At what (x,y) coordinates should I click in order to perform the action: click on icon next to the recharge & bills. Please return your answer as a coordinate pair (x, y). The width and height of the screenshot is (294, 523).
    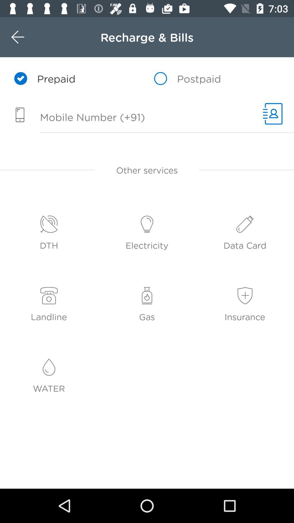
    Looking at the image, I should click on (29, 37).